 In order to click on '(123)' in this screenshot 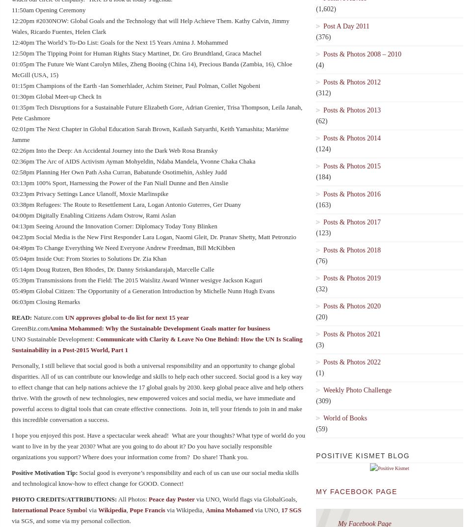, I will do `click(323, 233)`.